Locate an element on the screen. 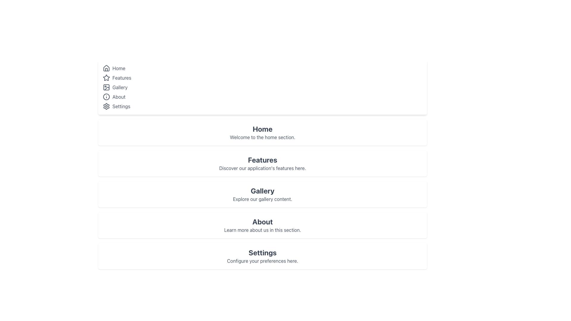 The height and width of the screenshot is (321, 571). the 'Gallery' Icon located to the left of the word 'Gallery' in the vertical navigation menu is located at coordinates (106, 87).